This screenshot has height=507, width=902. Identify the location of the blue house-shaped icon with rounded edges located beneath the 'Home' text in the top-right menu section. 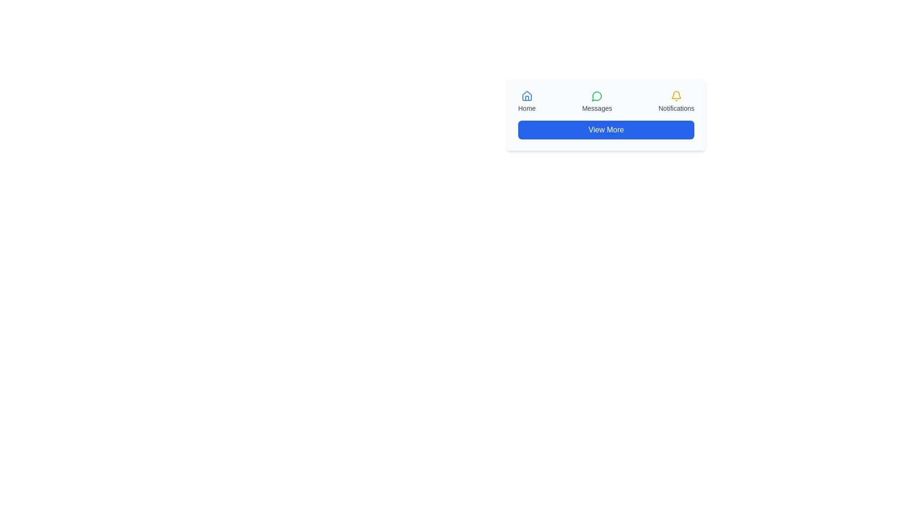
(527, 96).